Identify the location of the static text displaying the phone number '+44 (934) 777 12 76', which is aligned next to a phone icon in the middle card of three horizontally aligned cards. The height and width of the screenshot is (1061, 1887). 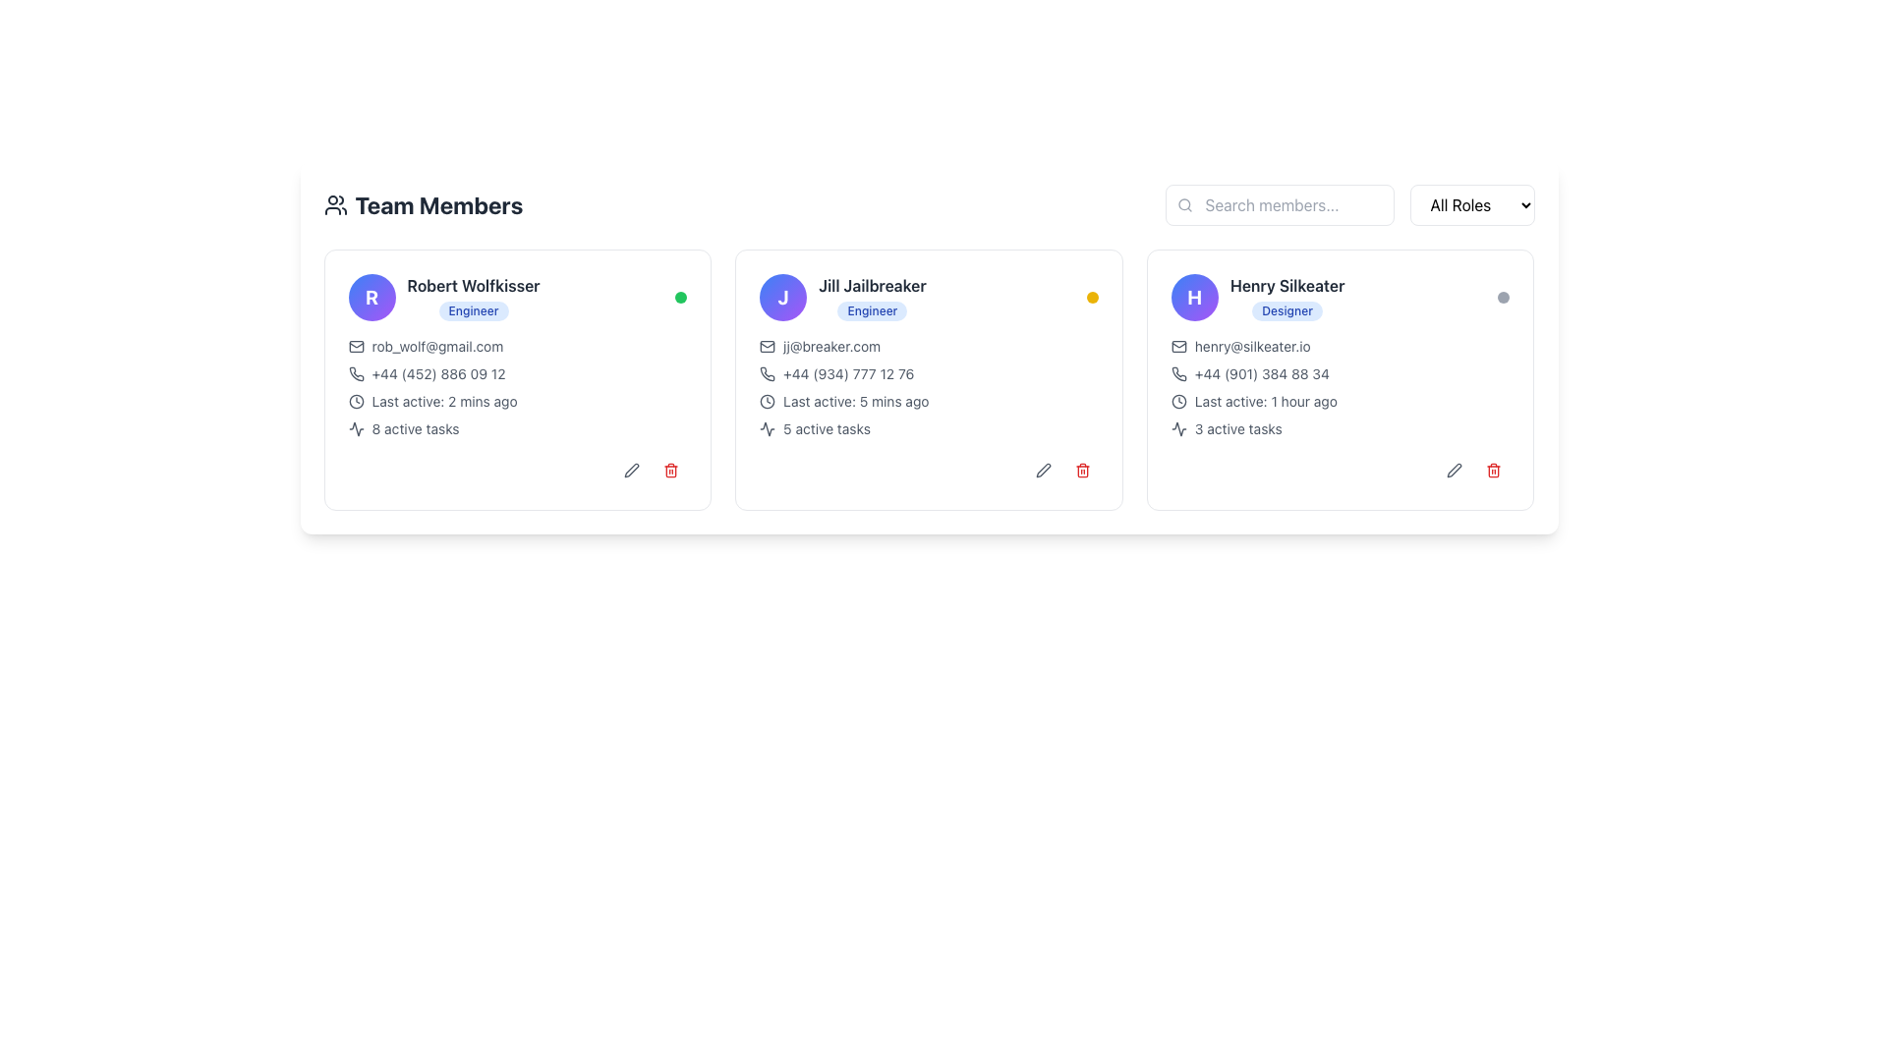
(848, 374).